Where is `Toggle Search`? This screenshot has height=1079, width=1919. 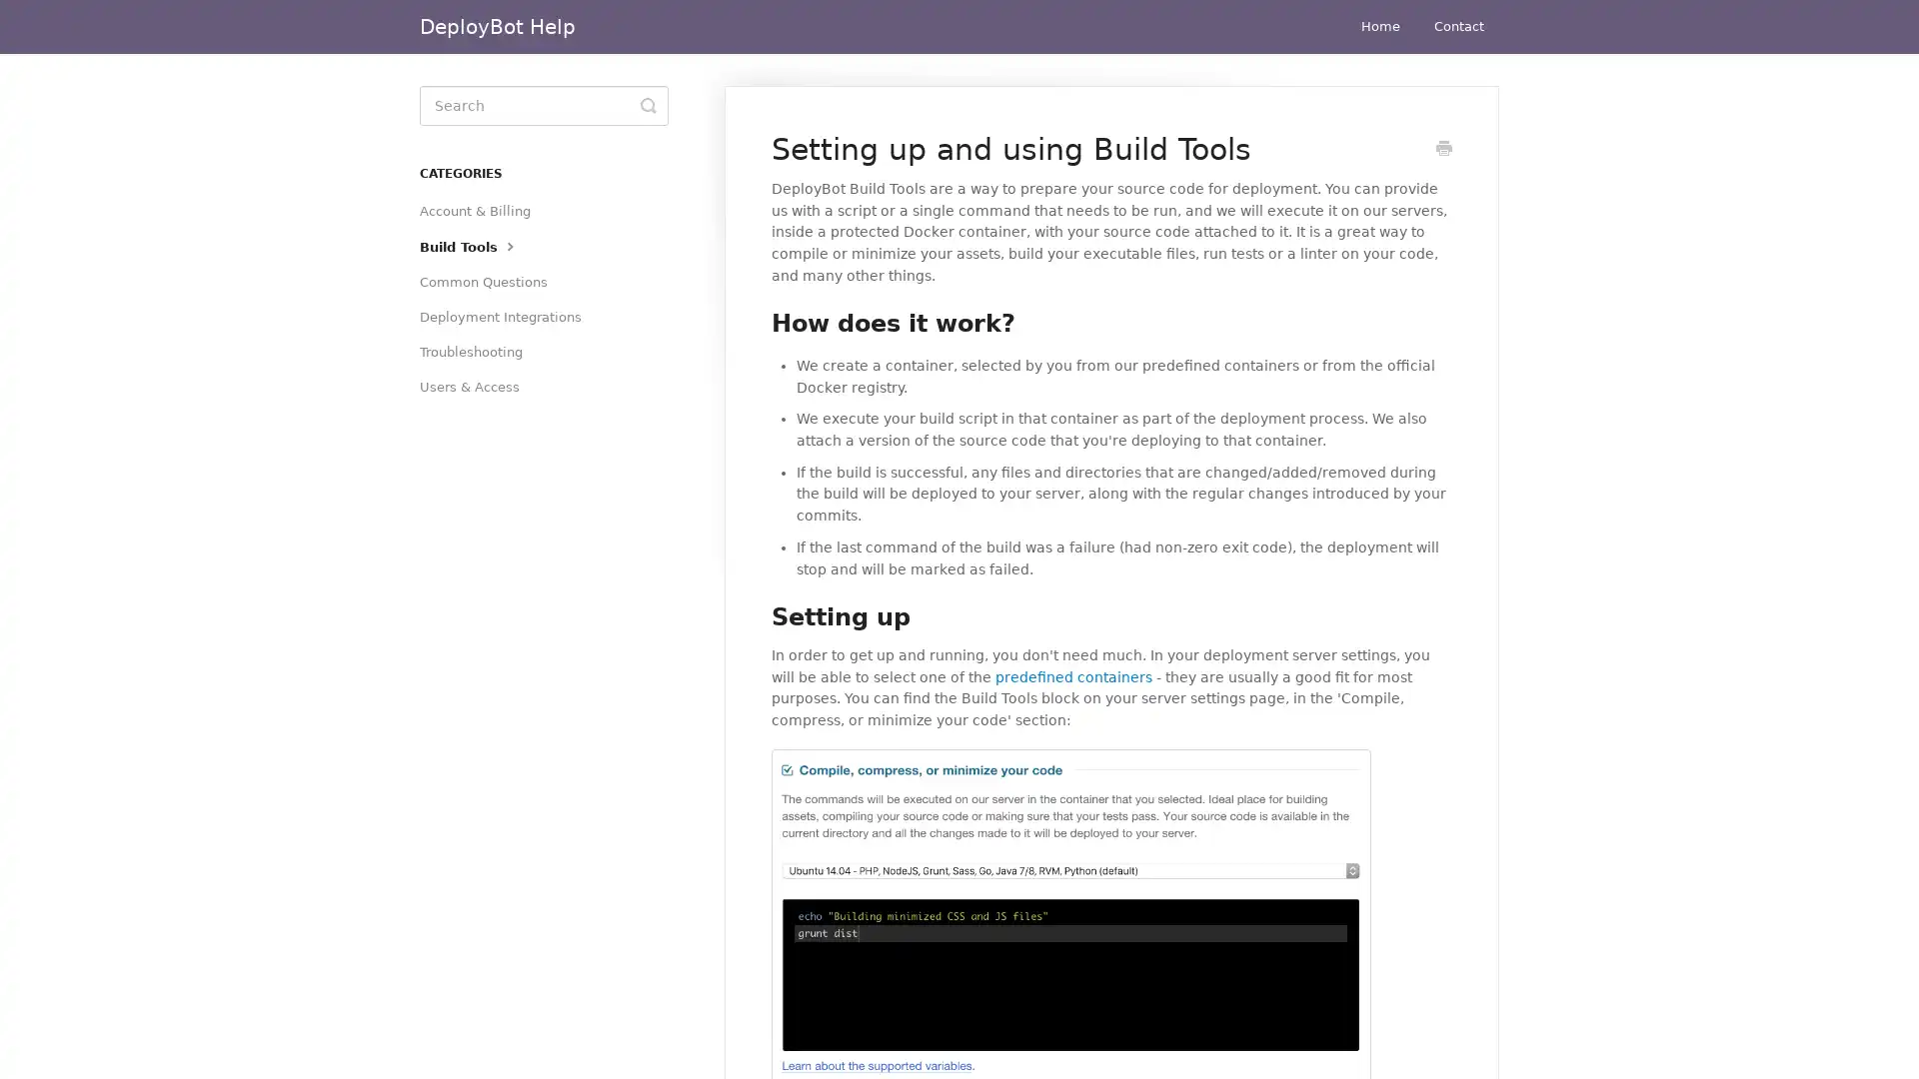 Toggle Search is located at coordinates (648, 105).